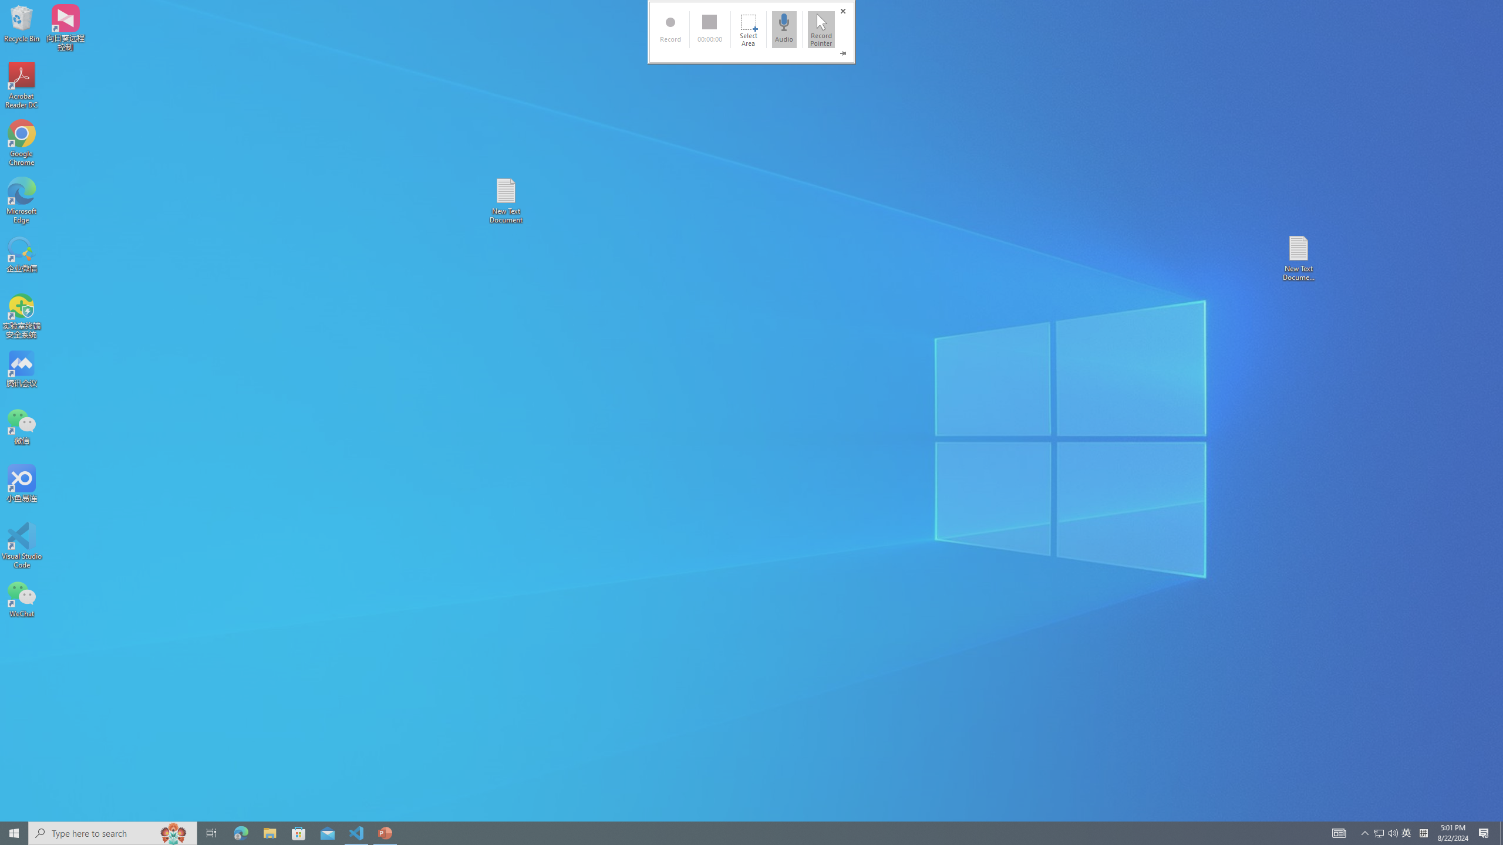  Describe the element at coordinates (709, 29) in the screenshot. I see `'00:00:00'` at that location.